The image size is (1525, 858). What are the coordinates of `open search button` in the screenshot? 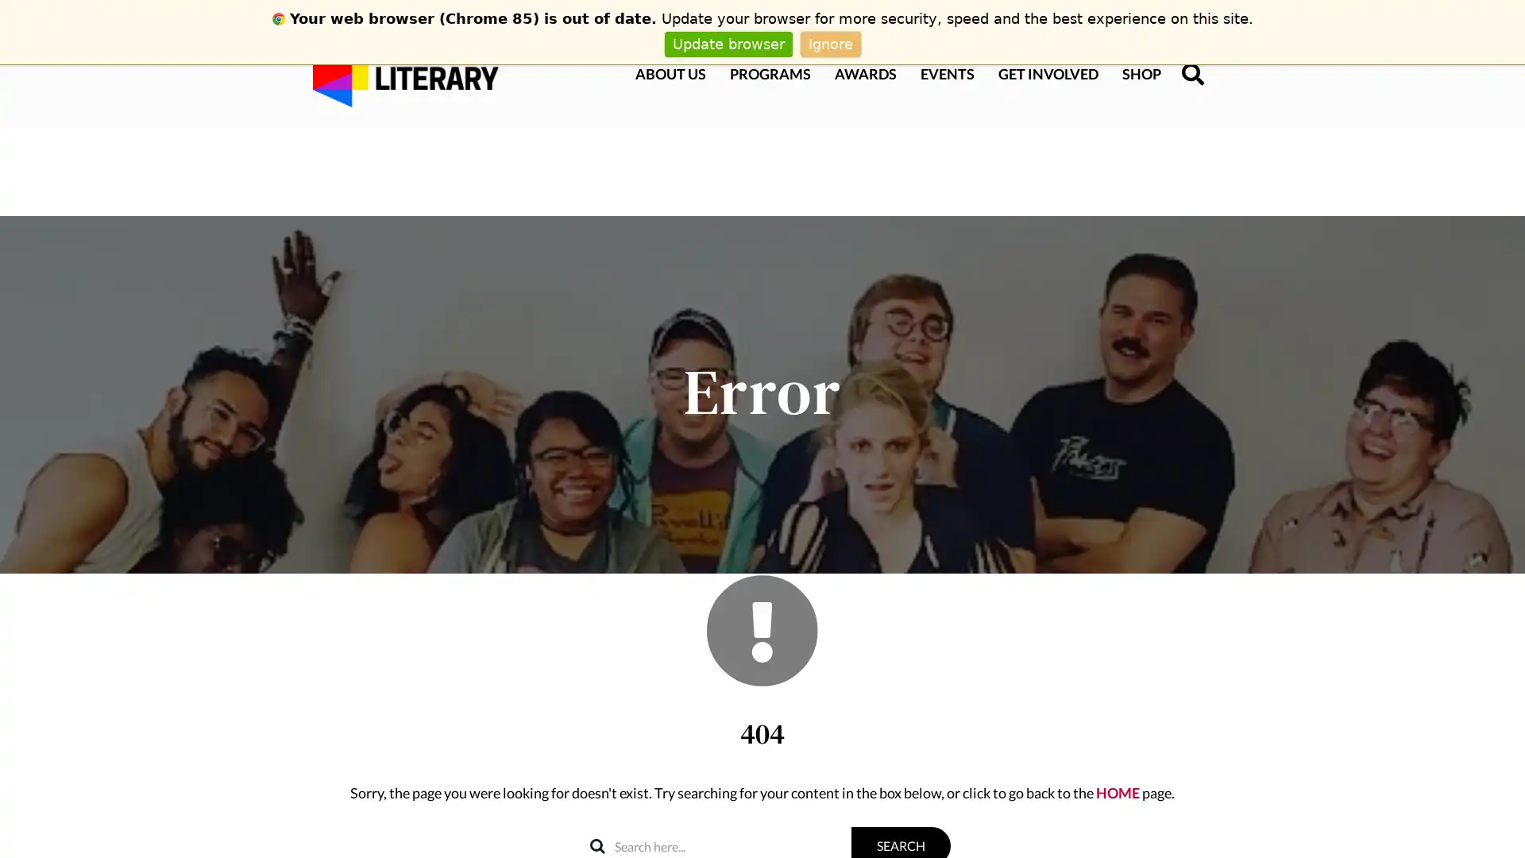 It's located at (1183, 73).